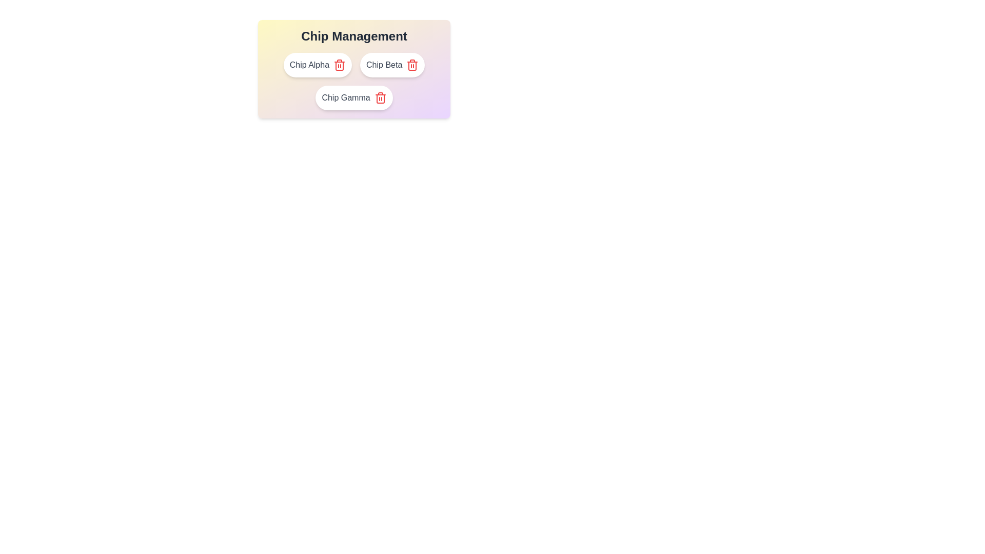 This screenshot has width=985, height=554. I want to click on delete button on the chip labeled Chip Gamma, so click(380, 98).